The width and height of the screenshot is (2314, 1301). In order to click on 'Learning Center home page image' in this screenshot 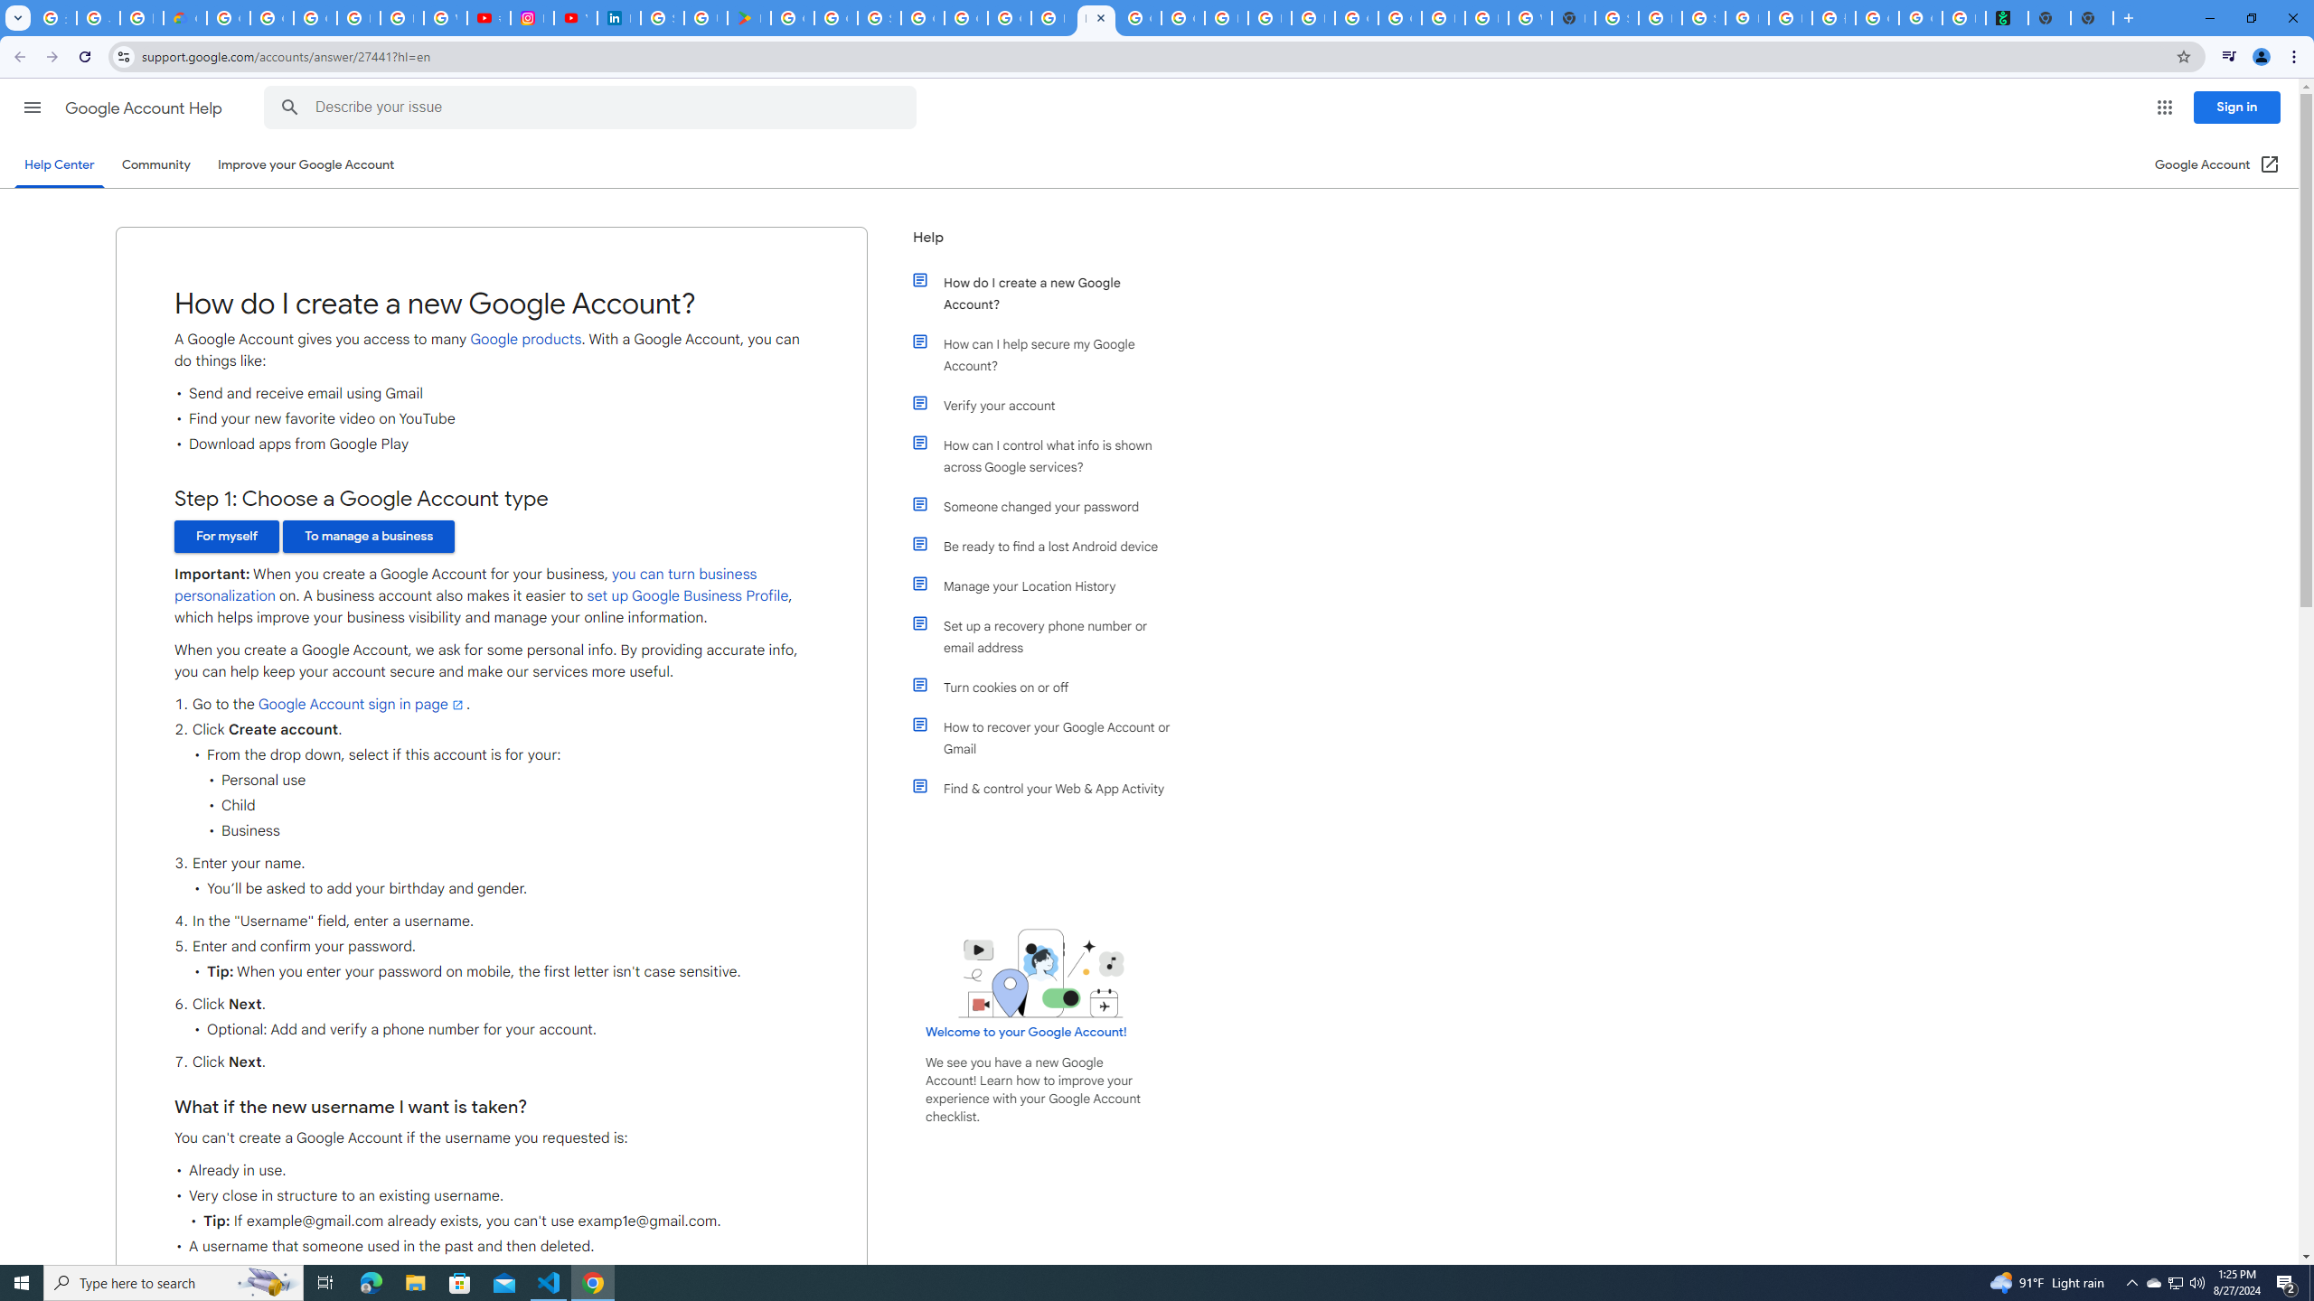, I will do `click(1040, 972)`.